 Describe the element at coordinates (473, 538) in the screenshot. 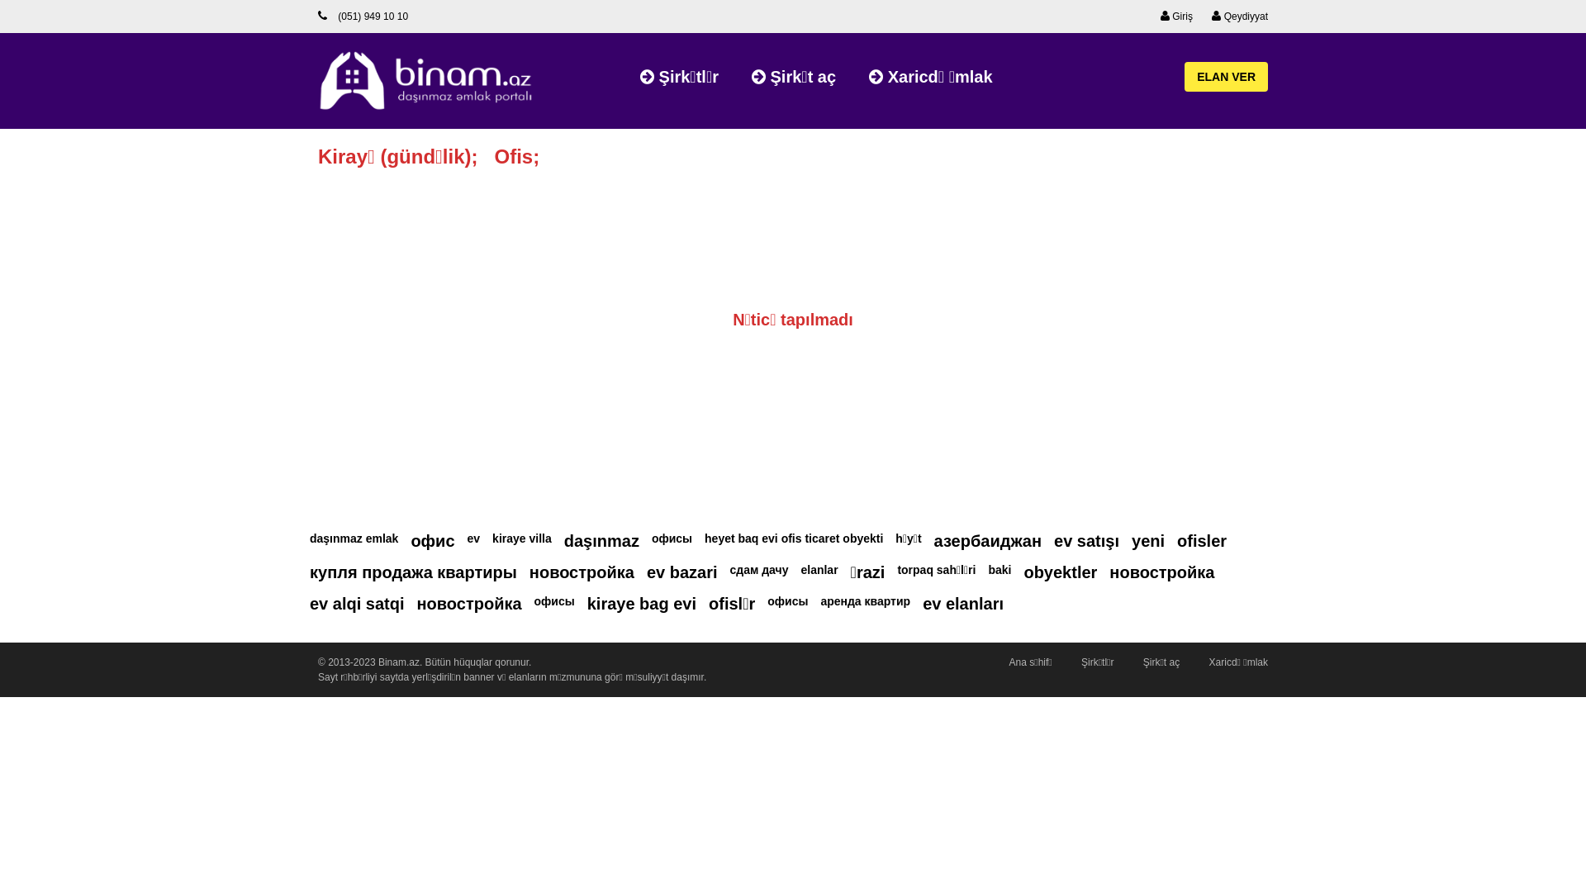

I see `'ev'` at that location.